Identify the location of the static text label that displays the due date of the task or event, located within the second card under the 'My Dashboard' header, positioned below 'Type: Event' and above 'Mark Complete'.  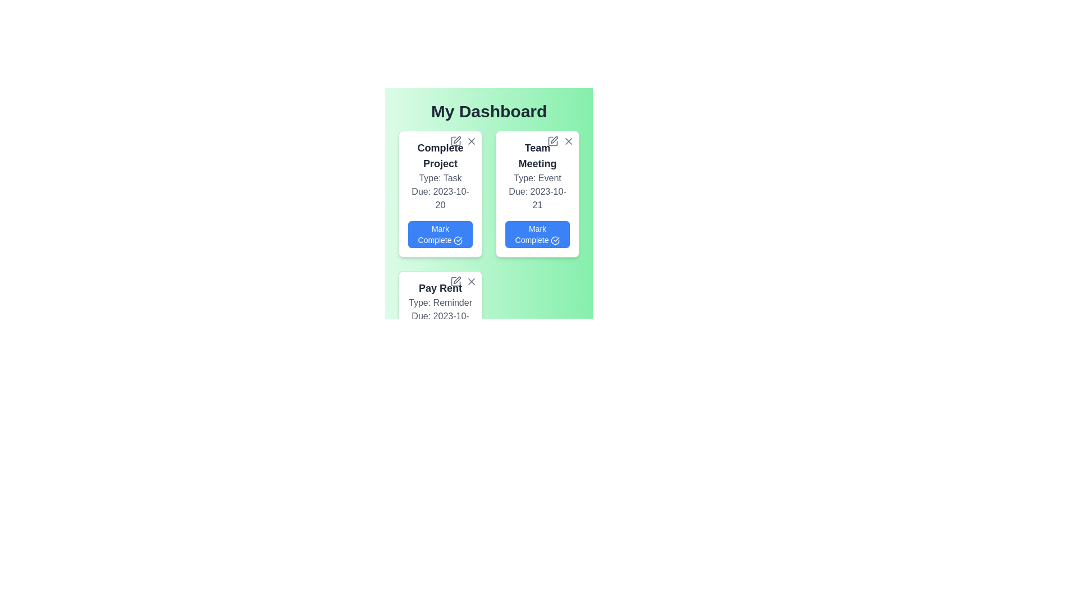
(537, 198).